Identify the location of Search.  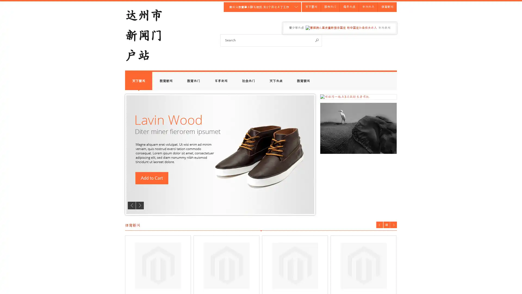
(317, 40).